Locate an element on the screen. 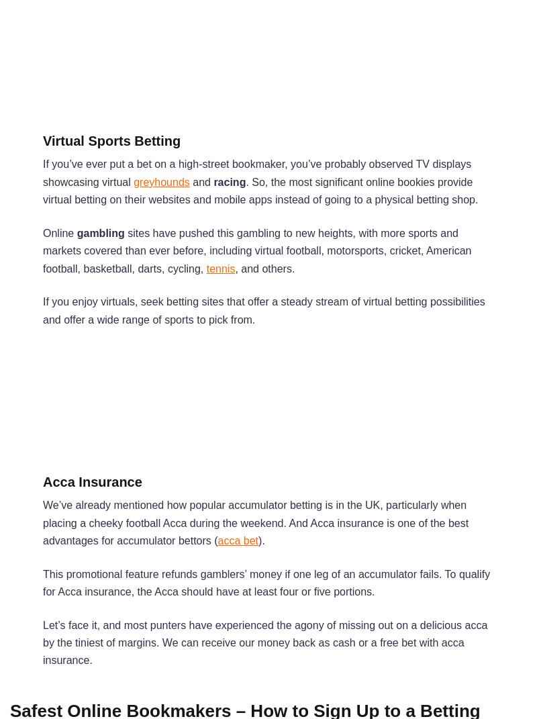 Image resolution: width=537 pixels, height=719 pixels. 'and' is located at coordinates (201, 181).